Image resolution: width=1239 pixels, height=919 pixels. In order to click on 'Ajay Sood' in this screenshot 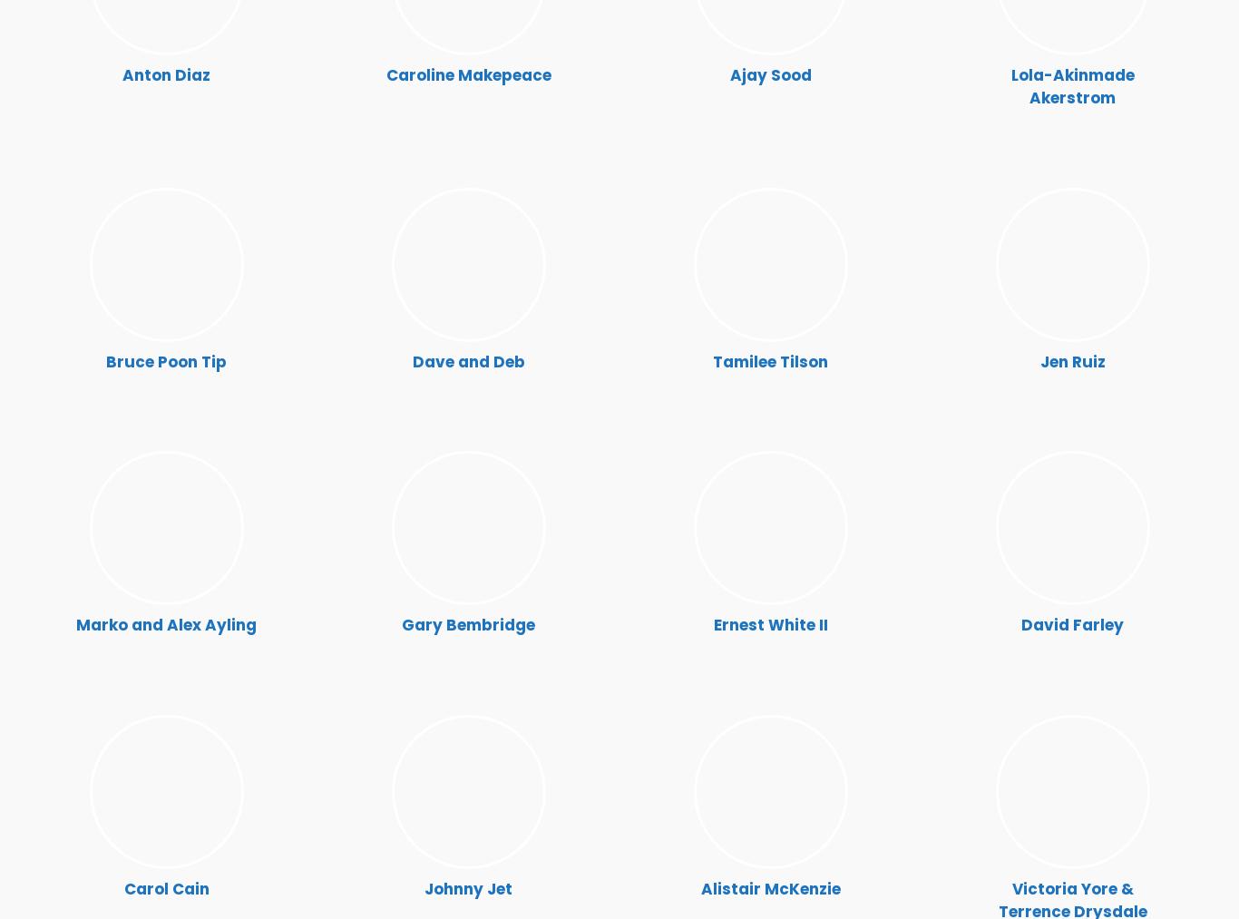, I will do `click(768, 73)`.